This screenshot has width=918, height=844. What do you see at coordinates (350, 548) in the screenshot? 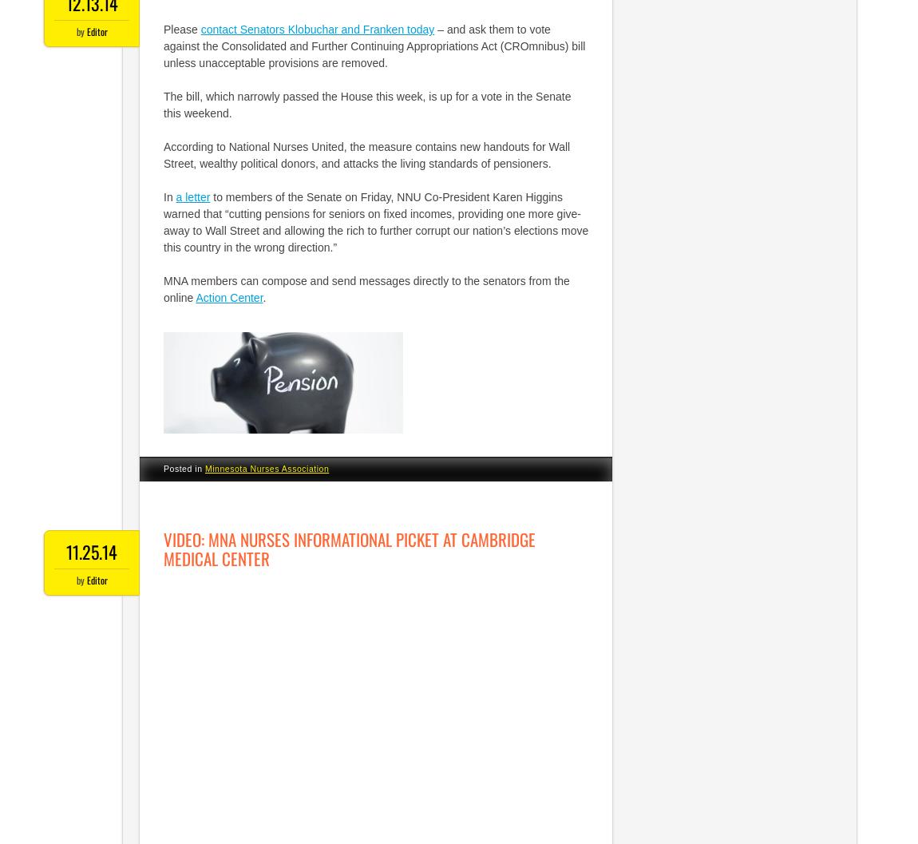
I see `'Video:  MNA Nurses Informational Picket at Cambridge Medical Center'` at bounding box center [350, 548].